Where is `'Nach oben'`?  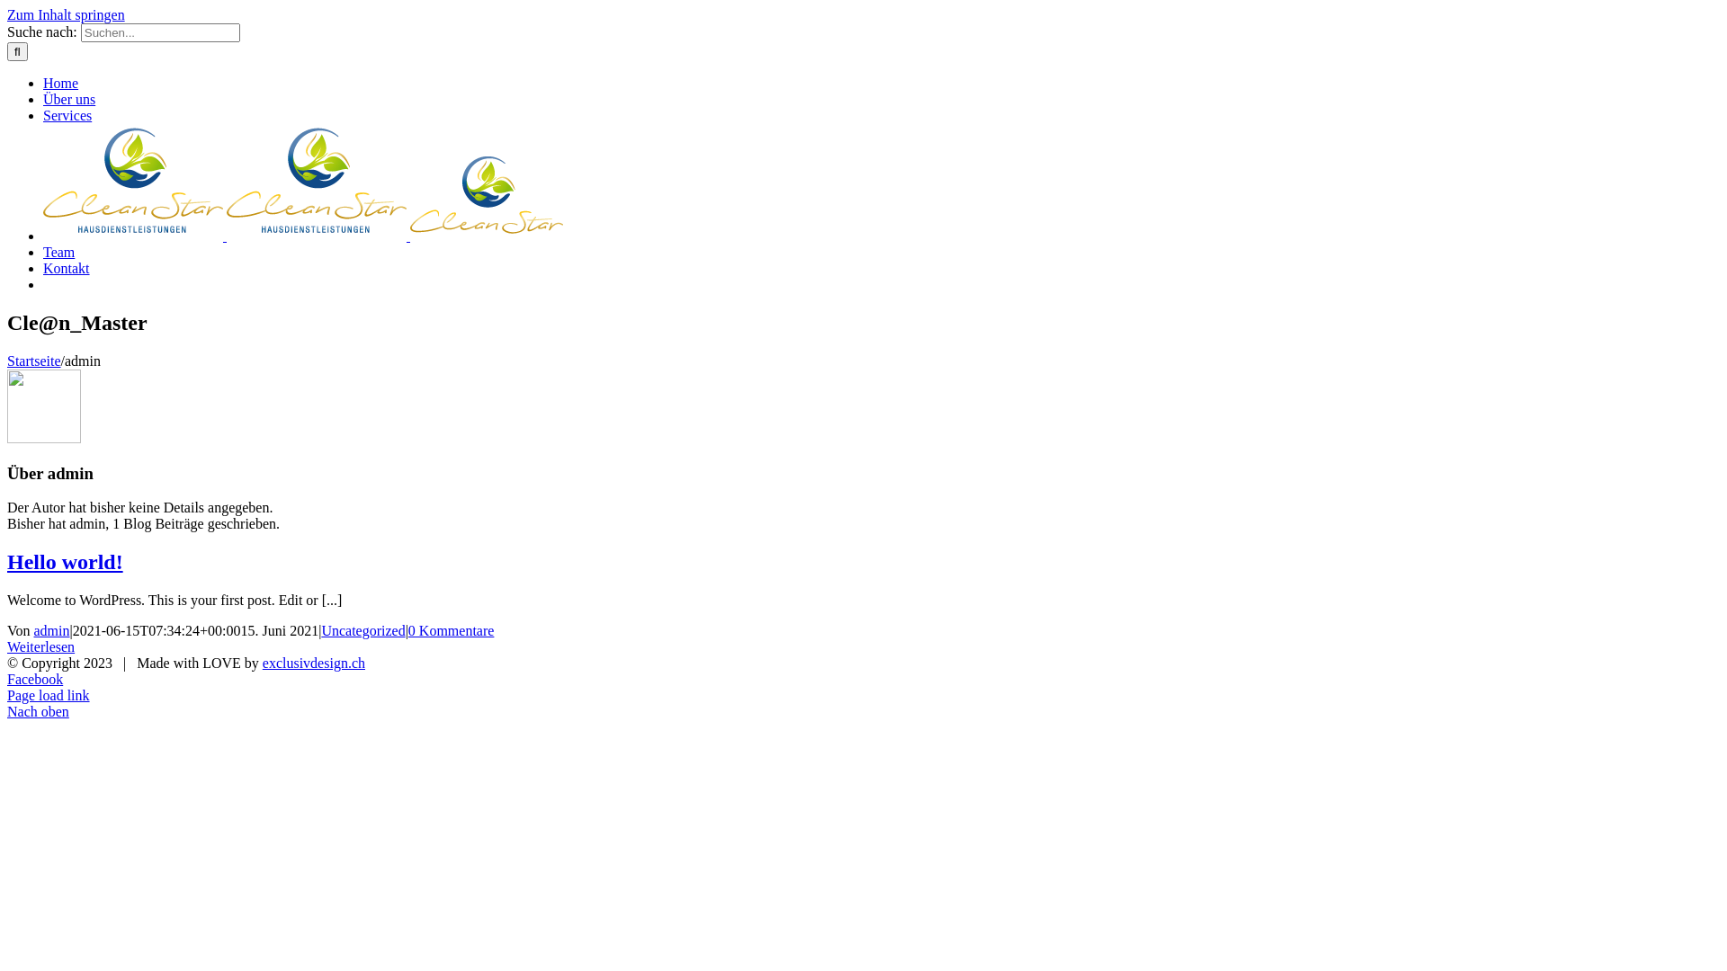 'Nach oben' is located at coordinates (38, 710).